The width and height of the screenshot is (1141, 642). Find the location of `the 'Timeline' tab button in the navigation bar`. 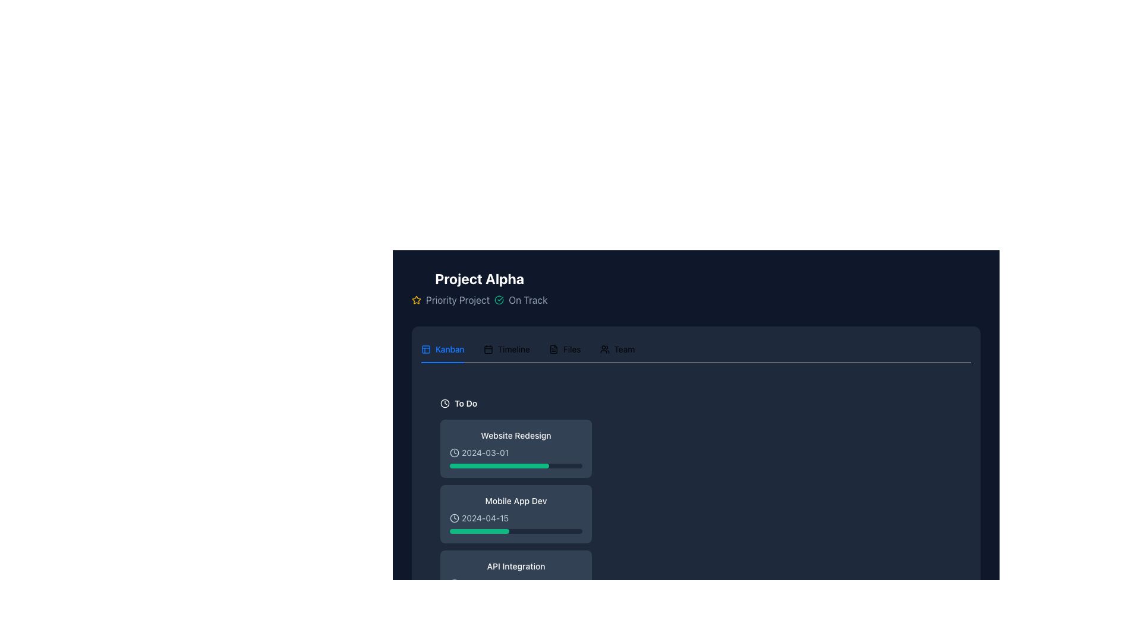

the 'Timeline' tab button in the navigation bar is located at coordinates (506, 348).